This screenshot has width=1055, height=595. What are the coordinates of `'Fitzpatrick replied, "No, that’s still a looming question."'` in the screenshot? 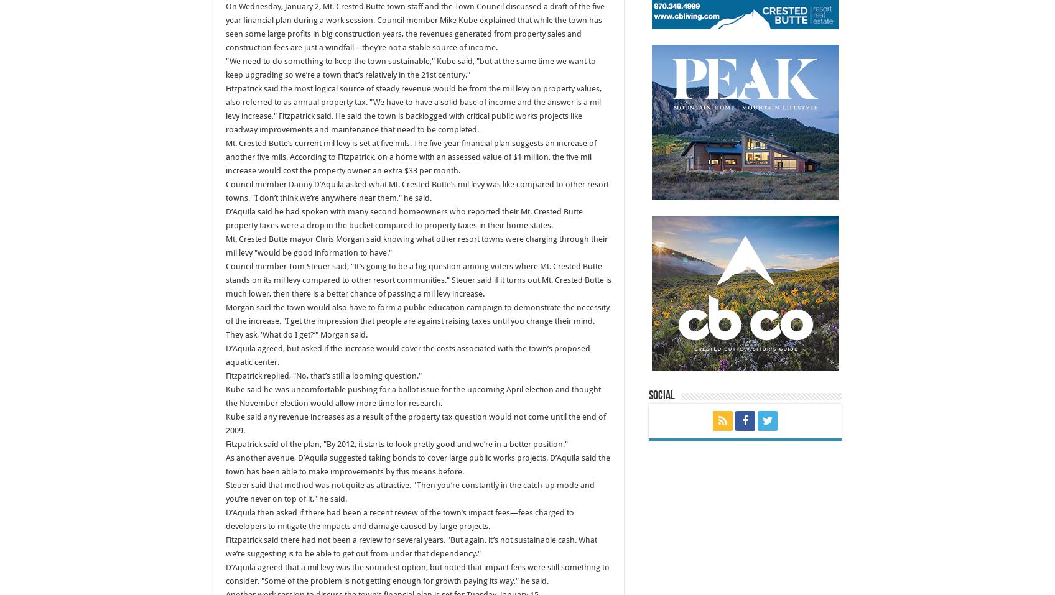 It's located at (323, 375).